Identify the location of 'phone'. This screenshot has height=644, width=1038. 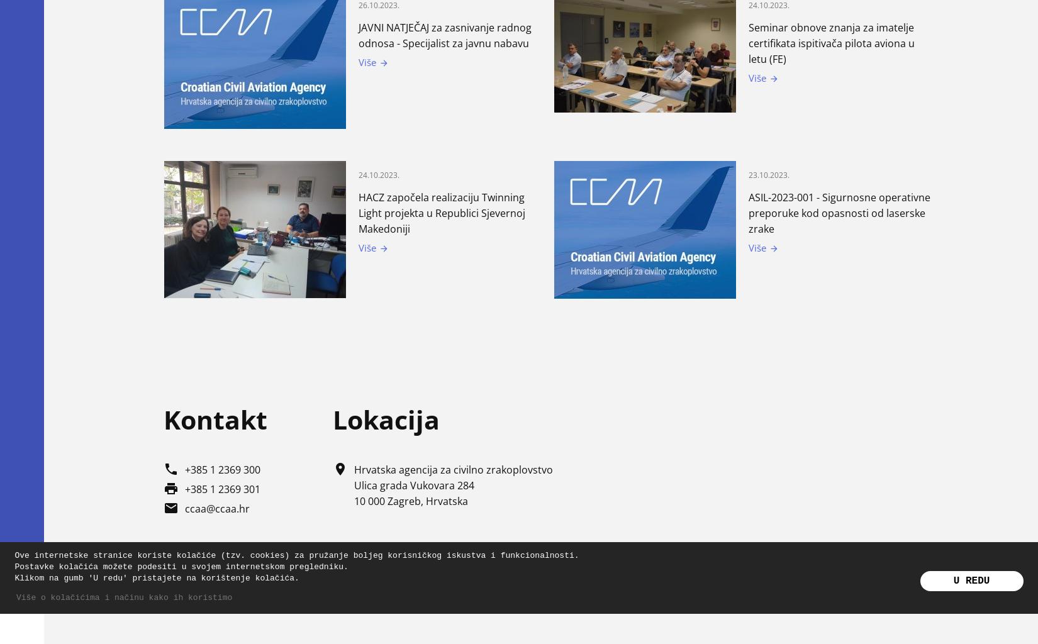
(170, 468).